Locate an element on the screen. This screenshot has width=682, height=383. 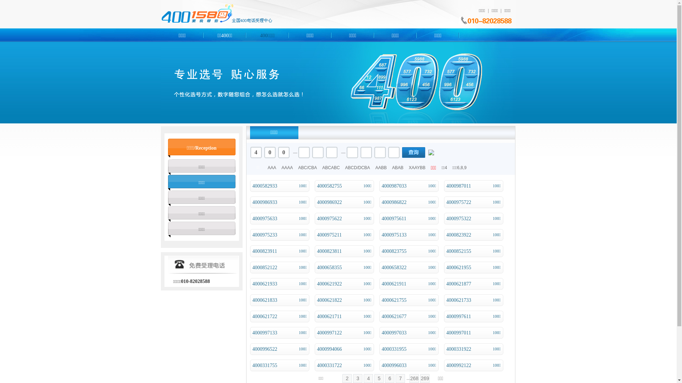
'XAAYBB' is located at coordinates (417, 168).